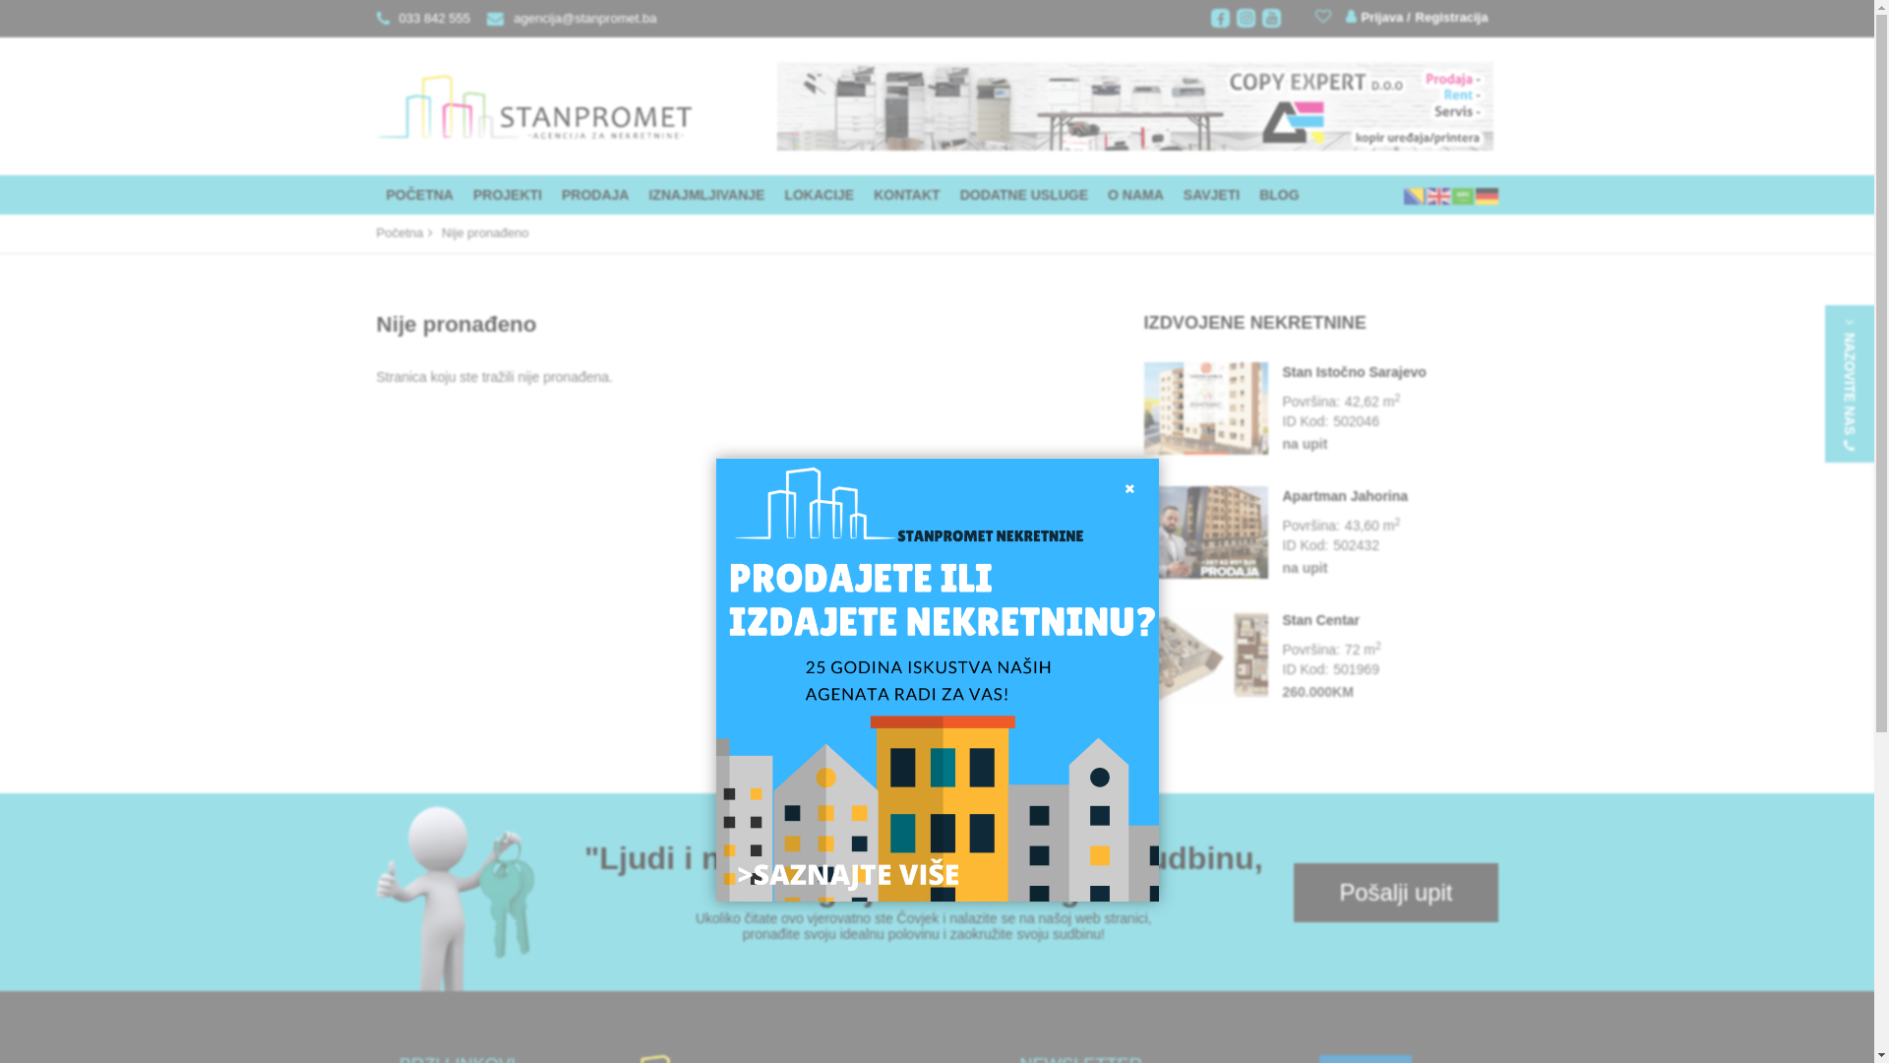 Image resolution: width=1889 pixels, height=1063 pixels. I want to click on 'YouTube', so click(1261, 18).